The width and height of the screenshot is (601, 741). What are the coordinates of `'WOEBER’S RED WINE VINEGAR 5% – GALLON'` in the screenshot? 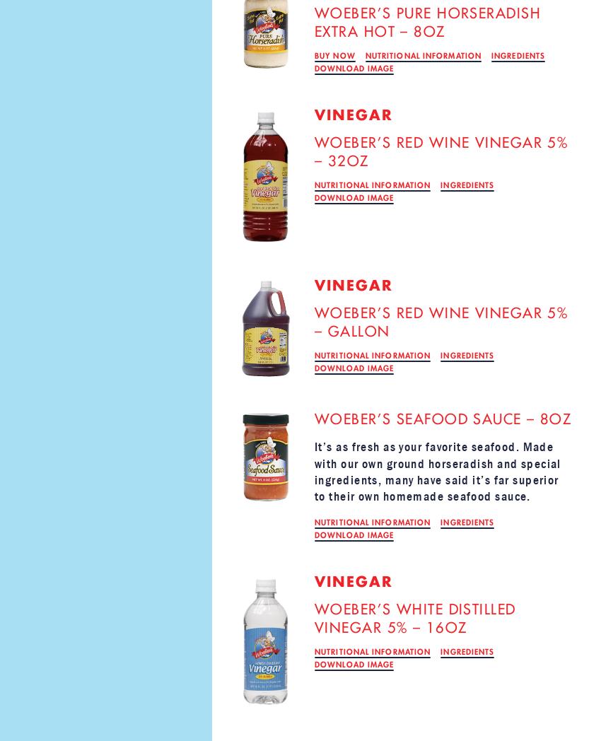 It's located at (440, 321).